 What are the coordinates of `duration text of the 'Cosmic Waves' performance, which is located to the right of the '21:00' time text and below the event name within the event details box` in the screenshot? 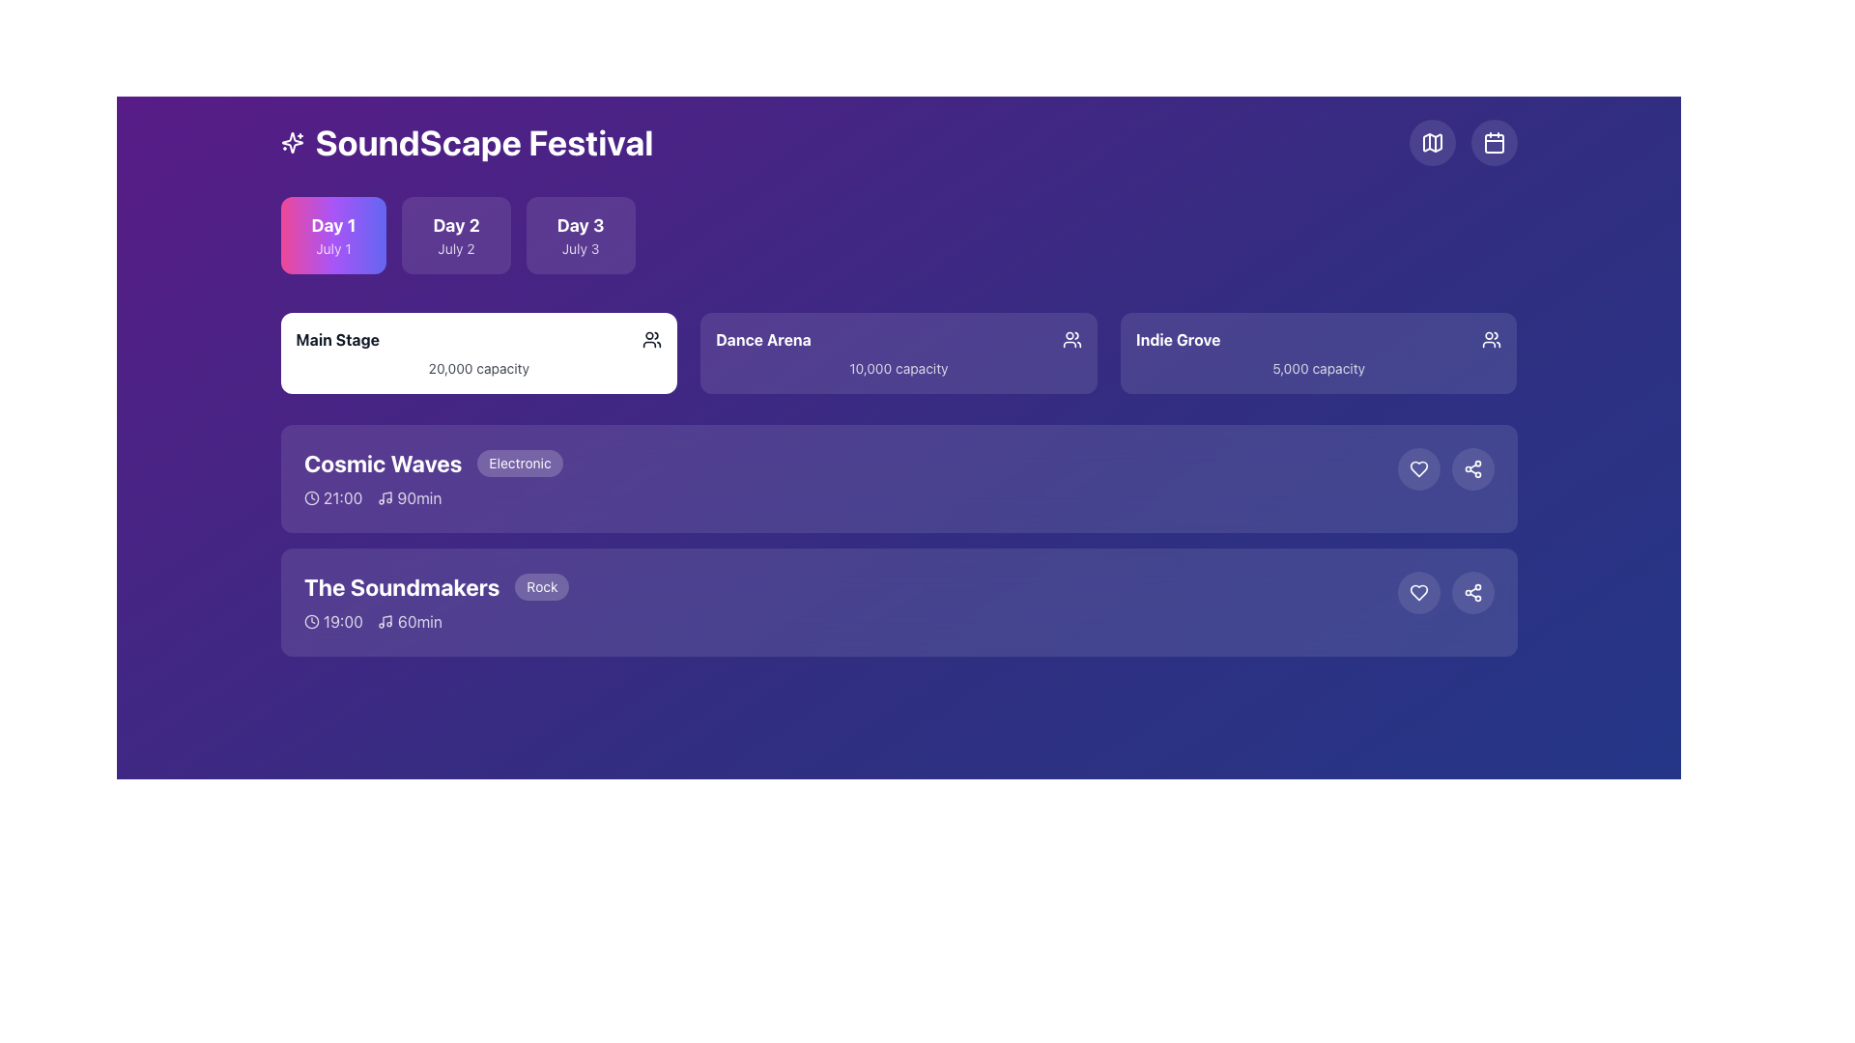 It's located at (408, 497).